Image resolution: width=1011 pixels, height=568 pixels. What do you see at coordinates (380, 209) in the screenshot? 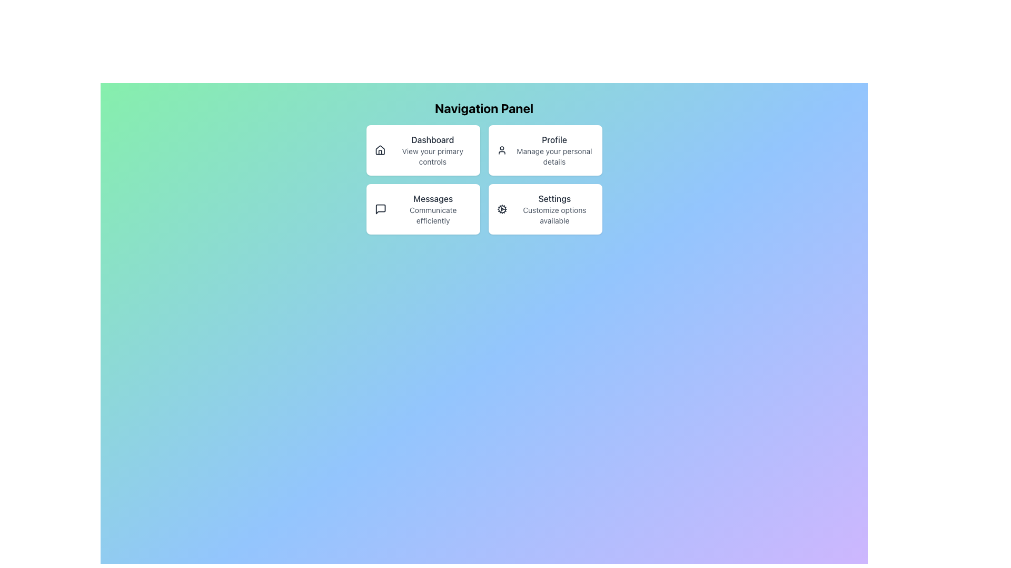
I see `the speech bubble icon located at the top-left corner of the 'Messages' tile` at bounding box center [380, 209].